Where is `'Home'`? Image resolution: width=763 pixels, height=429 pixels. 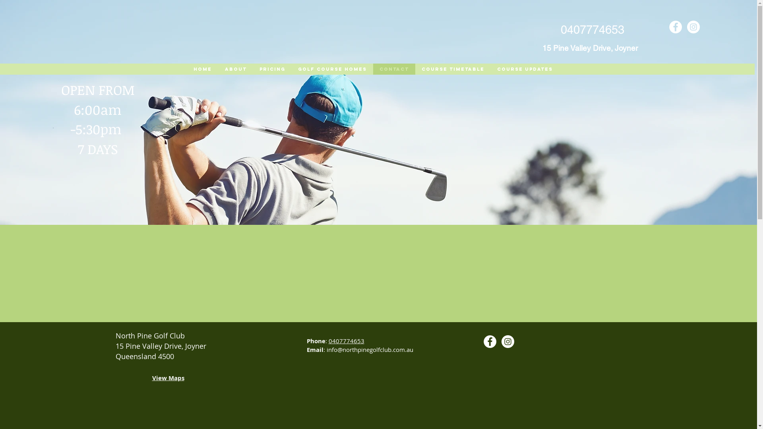 'Home' is located at coordinates (202, 68).